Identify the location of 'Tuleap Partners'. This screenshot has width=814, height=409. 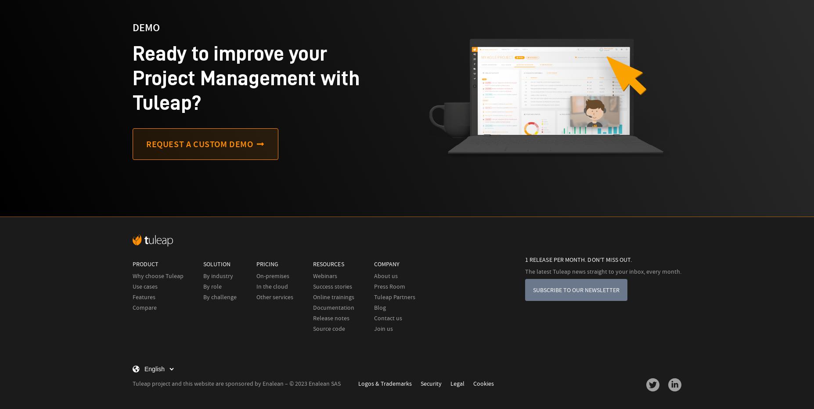
(395, 296).